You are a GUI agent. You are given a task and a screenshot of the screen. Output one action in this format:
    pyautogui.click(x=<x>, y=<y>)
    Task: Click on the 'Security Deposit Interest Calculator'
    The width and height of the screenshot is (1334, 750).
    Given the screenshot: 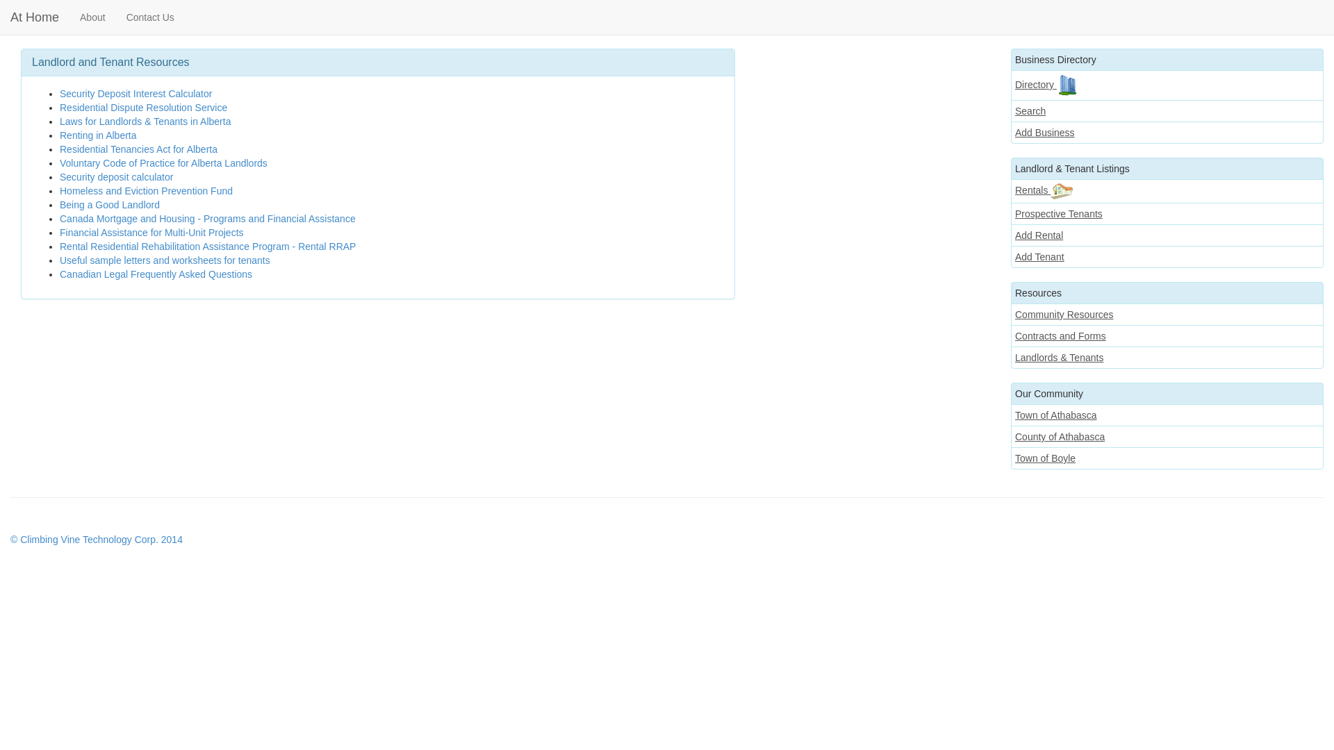 What is the action you would take?
    pyautogui.click(x=135, y=94)
    